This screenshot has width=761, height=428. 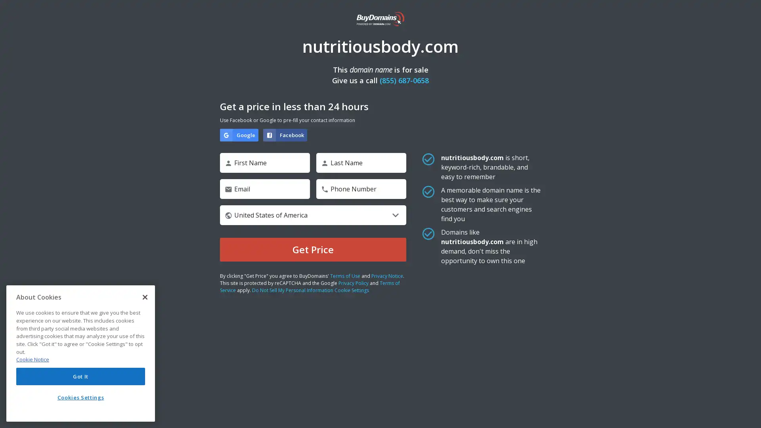 I want to click on Close, so click(x=145, y=297).